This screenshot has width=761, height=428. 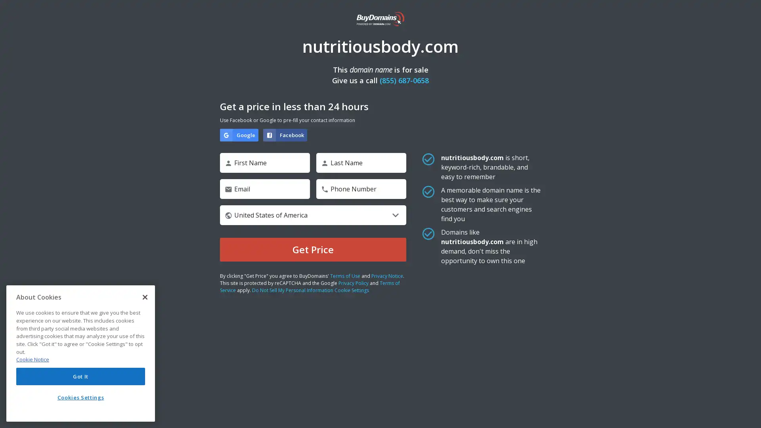 I want to click on Close, so click(x=145, y=297).